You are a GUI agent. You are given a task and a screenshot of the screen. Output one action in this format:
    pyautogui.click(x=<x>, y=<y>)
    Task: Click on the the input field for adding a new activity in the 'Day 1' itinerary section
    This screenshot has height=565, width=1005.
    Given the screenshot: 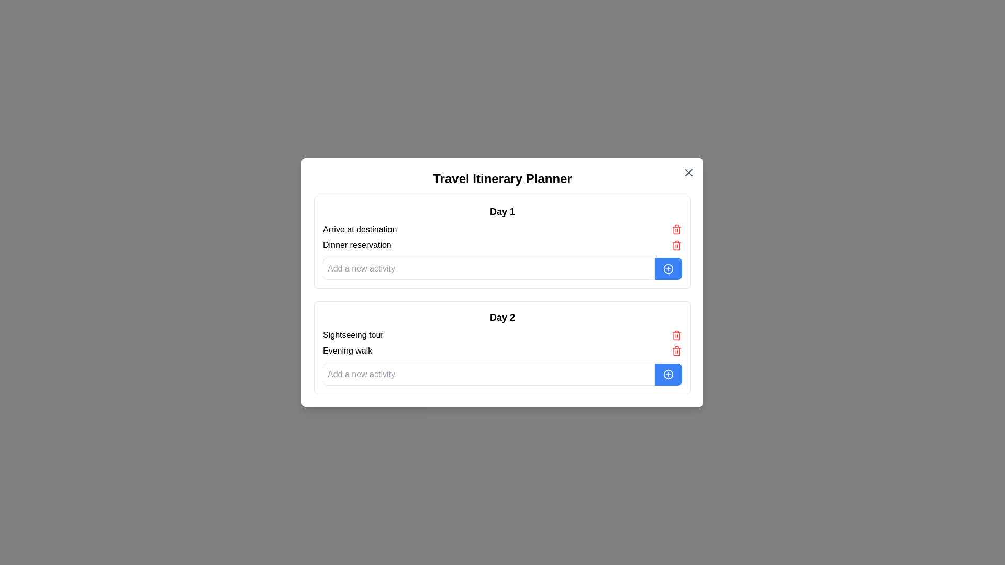 What is the action you would take?
    pyautogui.click(x=502, y=268)
    